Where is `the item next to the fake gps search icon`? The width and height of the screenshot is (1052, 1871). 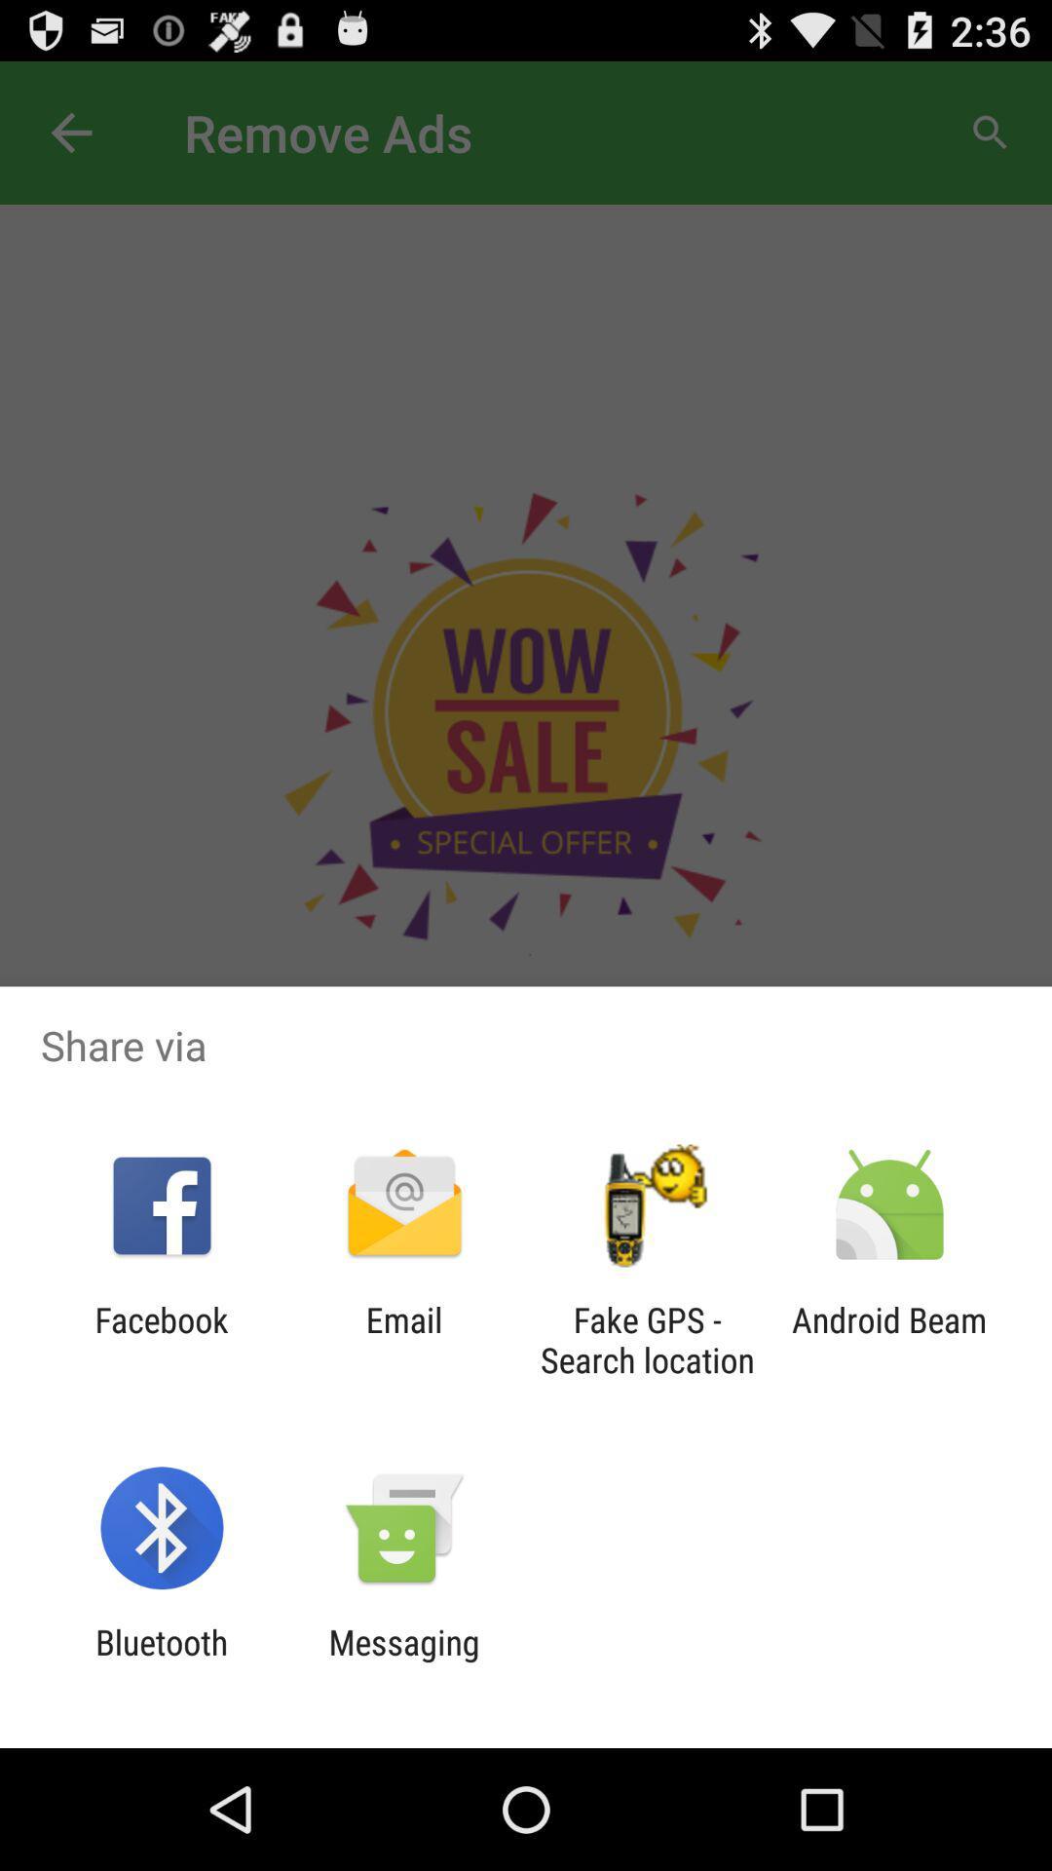
the item next to the fake gps search icon is located at coordinates (889, 1339).